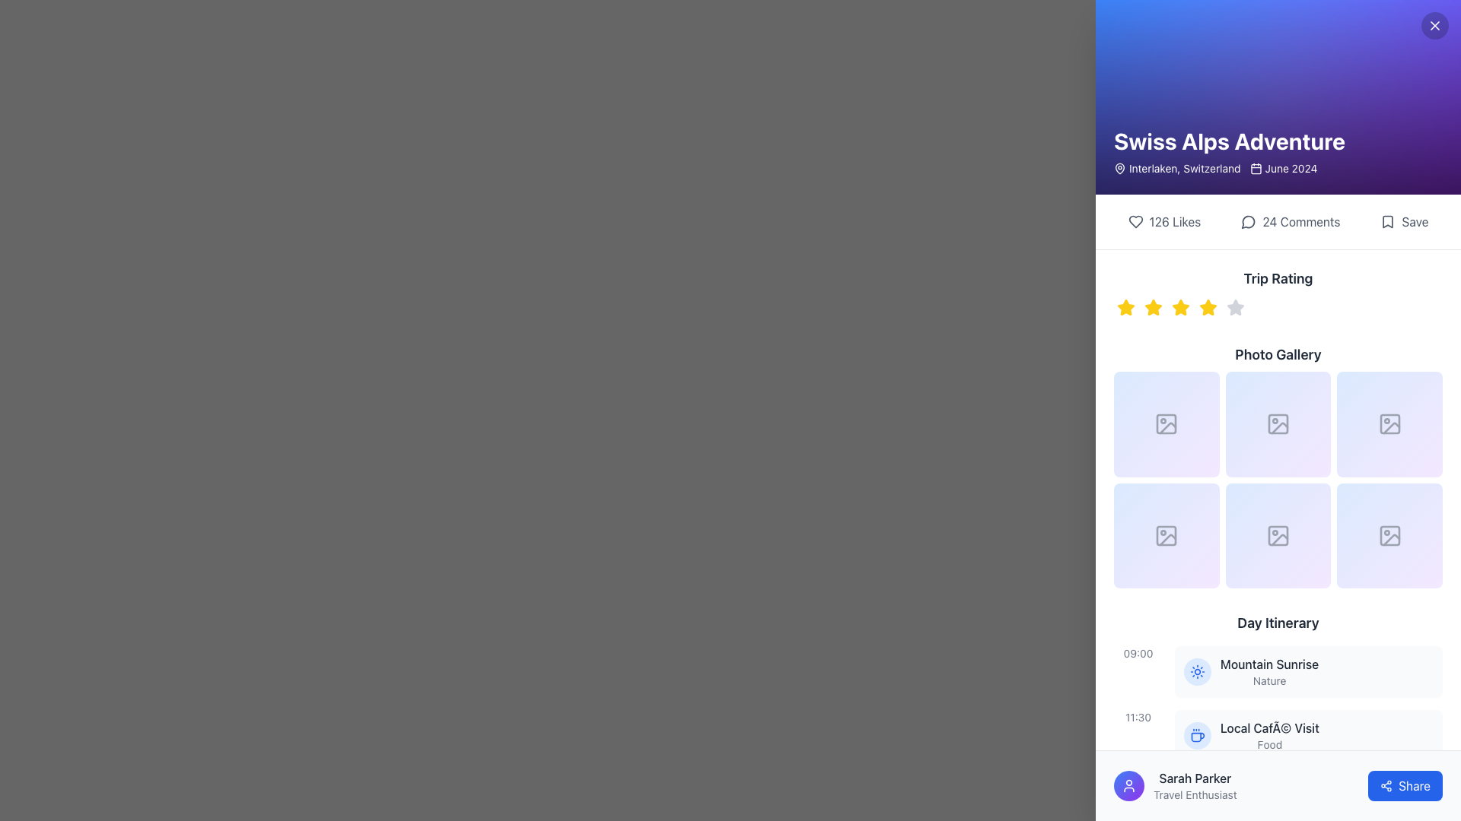 This screenshot has width=1461, height=821. I want to click on the sixth image placeholder in the bottom-right corner of the photo gallery grid, so click(1389, 535).